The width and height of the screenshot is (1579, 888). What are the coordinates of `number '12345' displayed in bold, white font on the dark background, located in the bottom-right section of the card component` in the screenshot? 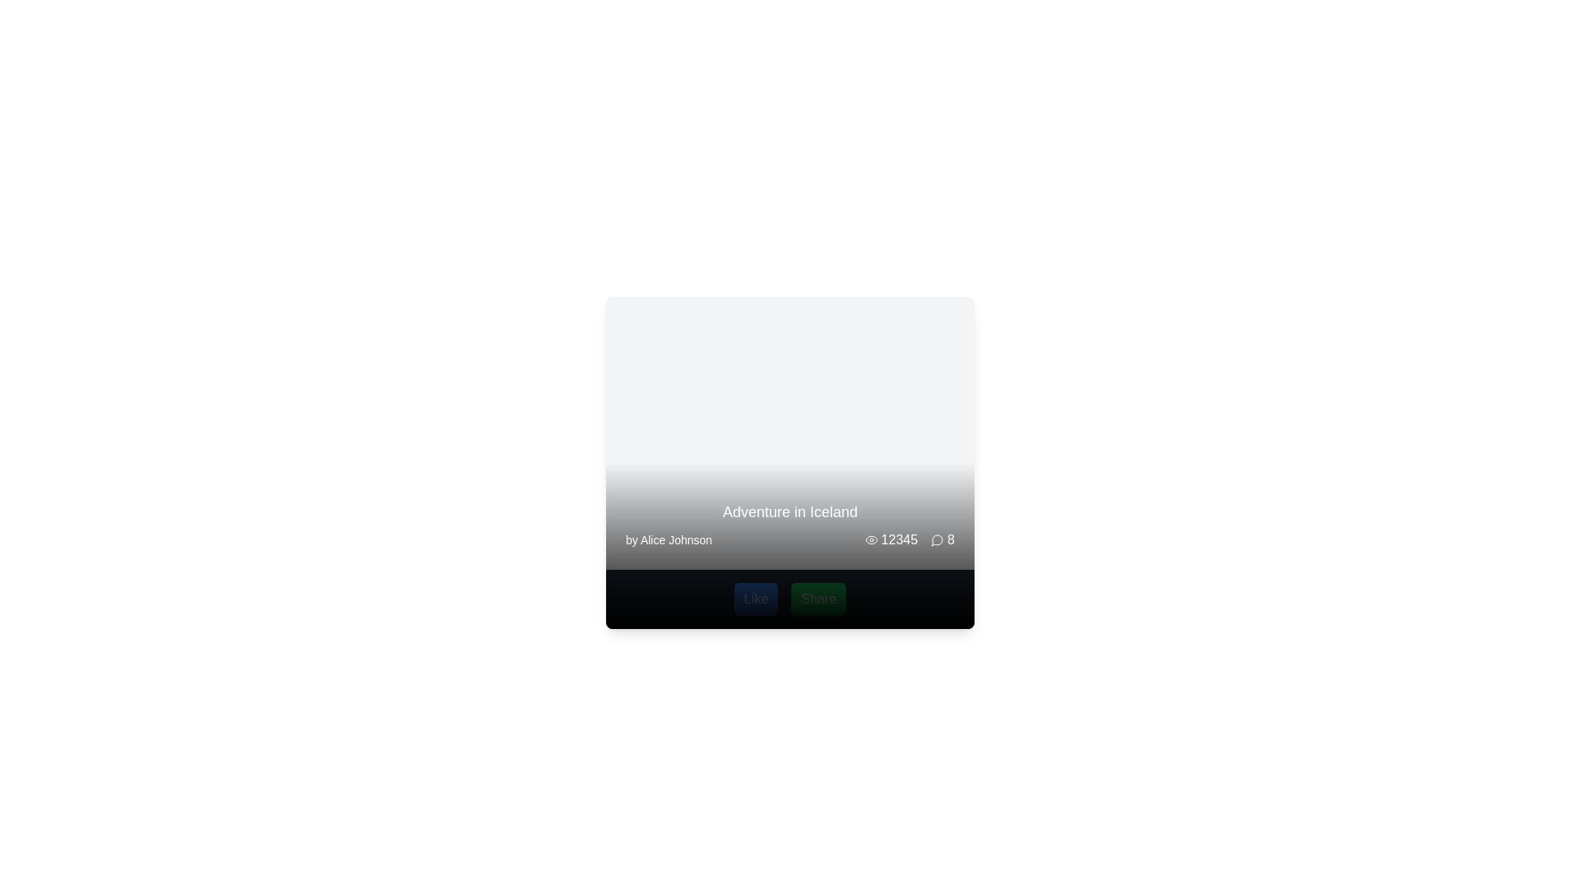 It's located at (898, 539).